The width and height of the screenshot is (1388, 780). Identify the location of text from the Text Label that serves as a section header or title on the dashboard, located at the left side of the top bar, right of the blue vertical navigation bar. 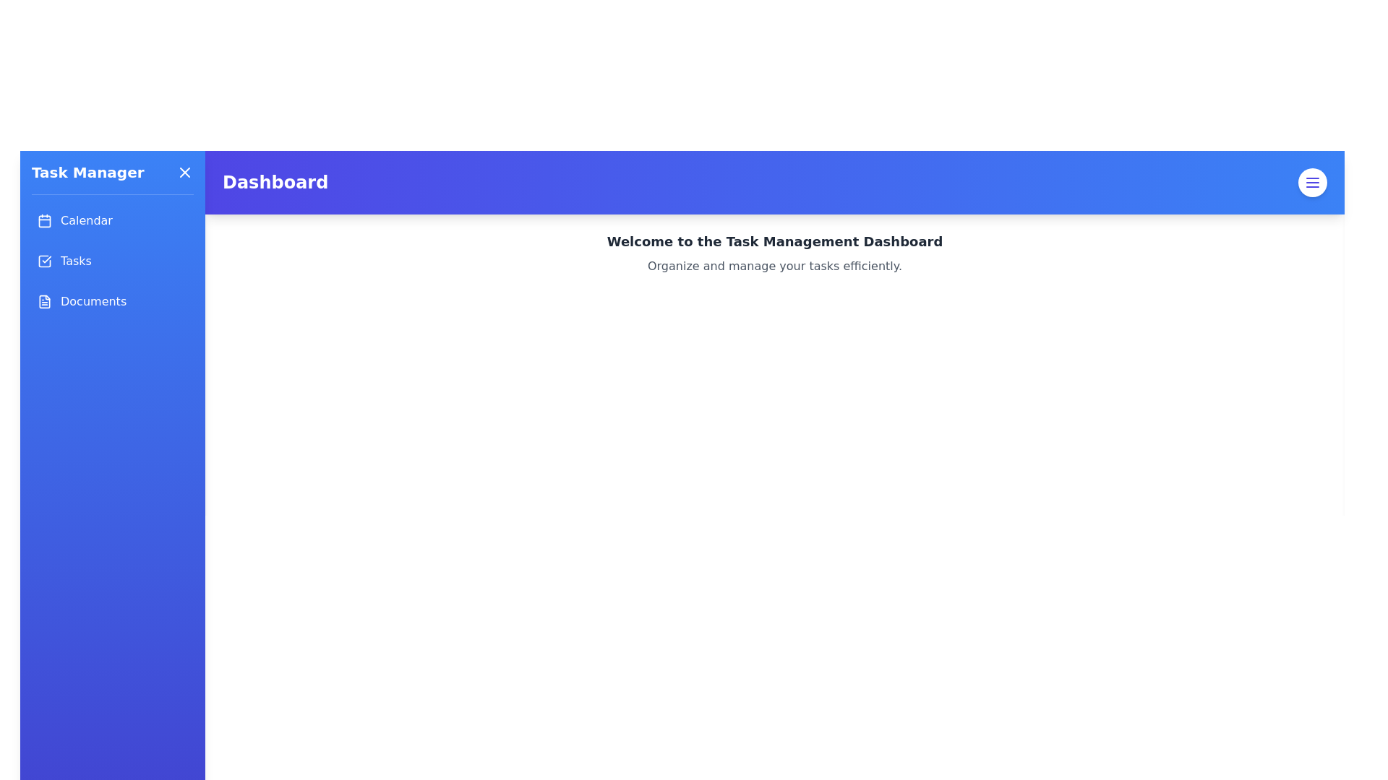
(275, 182).